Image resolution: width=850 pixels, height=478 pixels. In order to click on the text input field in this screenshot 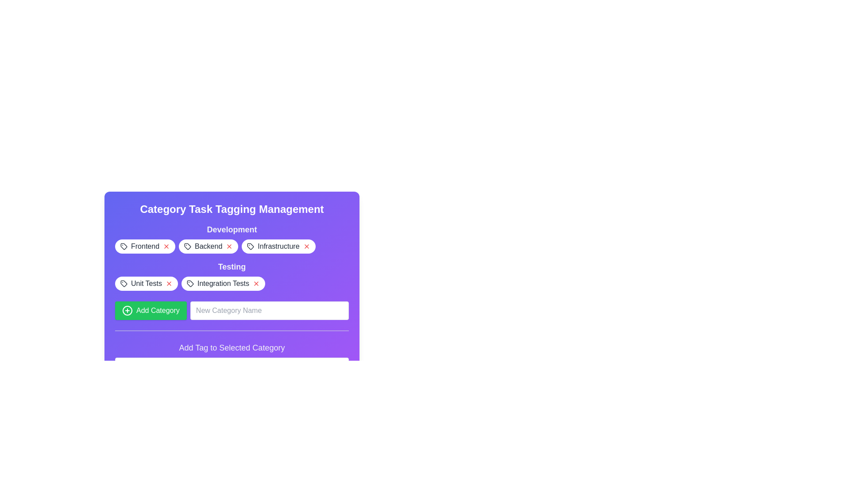, I will do `click(232, 300)`.